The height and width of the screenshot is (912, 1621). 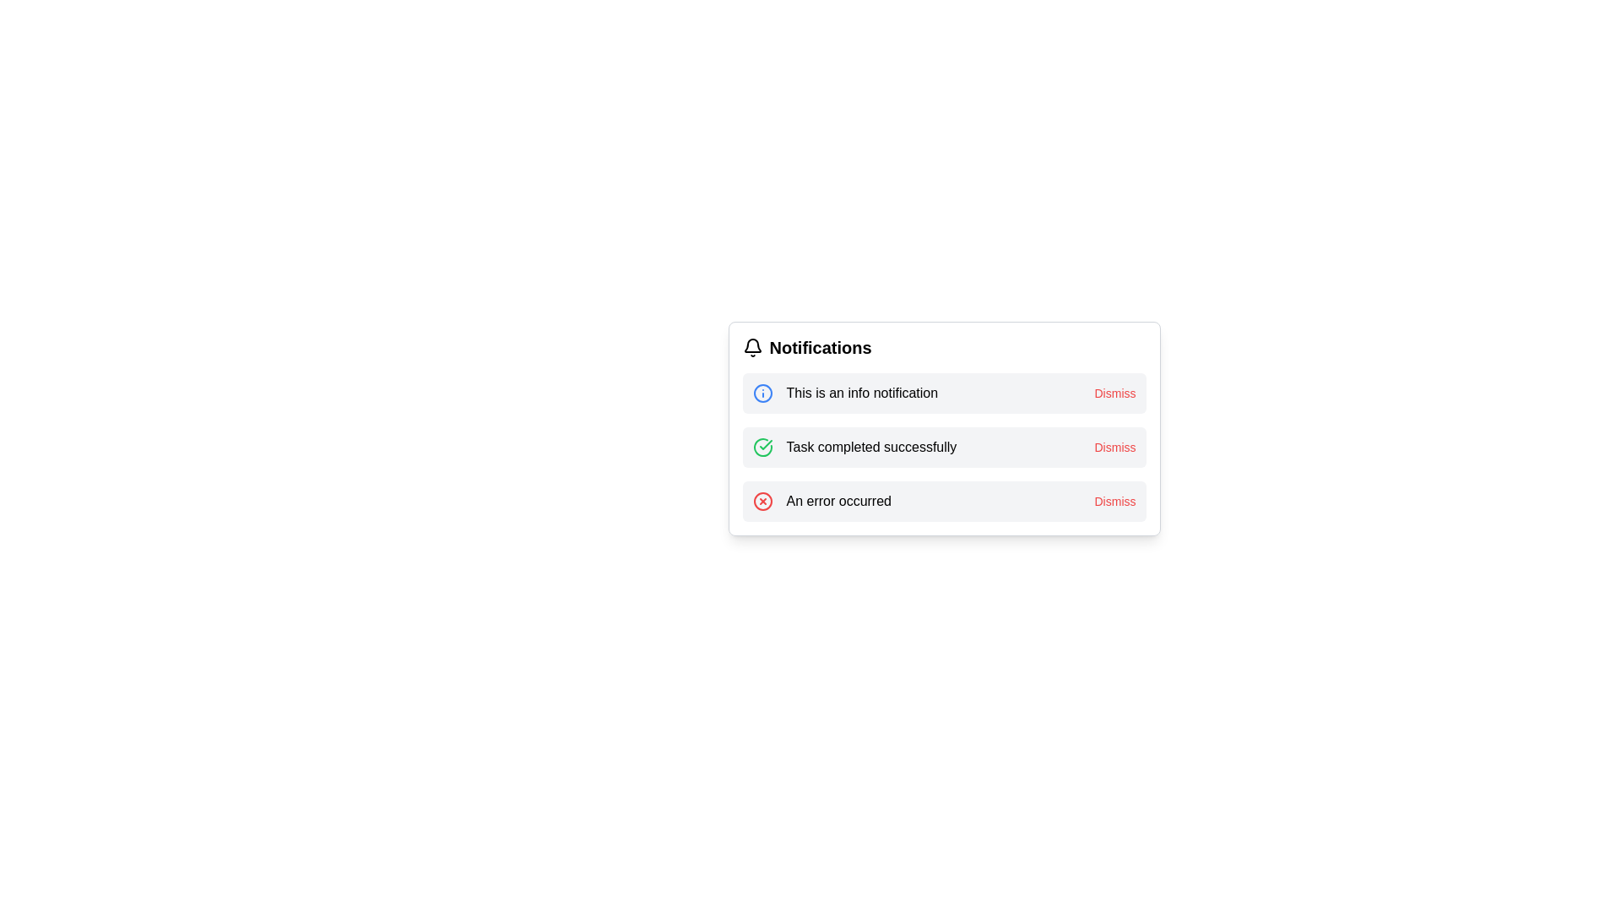 I want to click on the 'Dismiss' button with red-colored font, so click(x=1114, y=394).